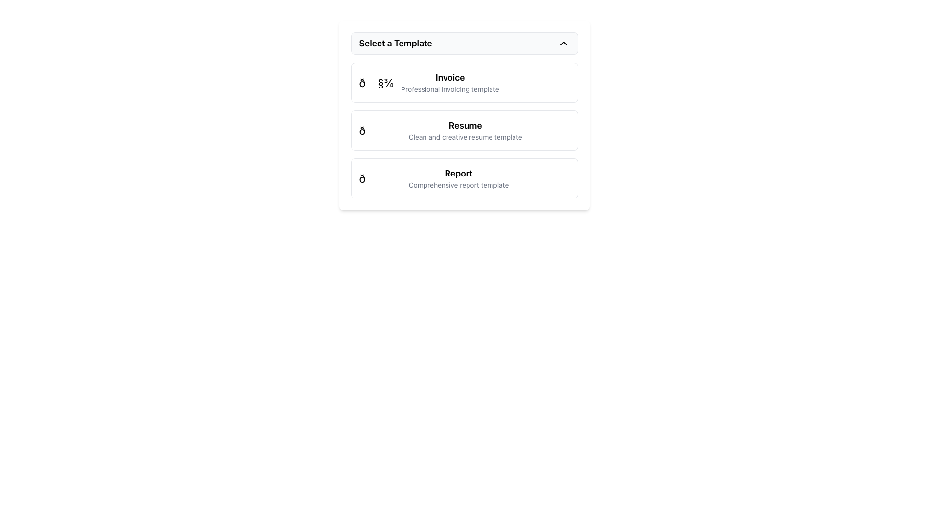  Describe the element at coordinates (449, 82) in the screenshot. I see `descriptive text label guiding the selection of the 'Invoice' template, which is the first item in the list of template options located below the 'Select a Template' heading` at that location.